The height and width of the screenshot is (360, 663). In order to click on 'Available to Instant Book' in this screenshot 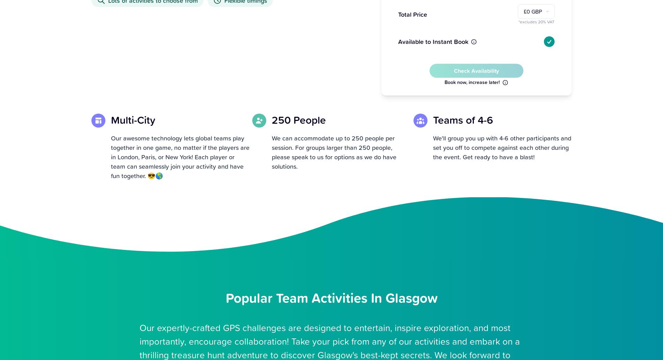, I will do `click(432, 41)`.